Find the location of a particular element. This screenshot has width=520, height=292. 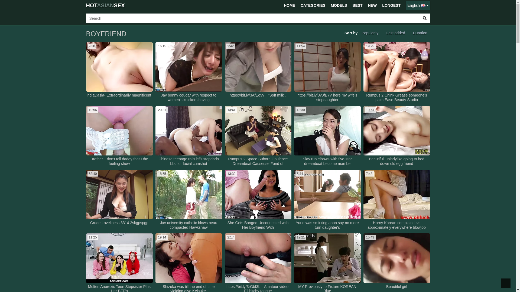

'She Gets Banged Unconnected with Her Boyfriend With' is located at coordinates (257, 225).